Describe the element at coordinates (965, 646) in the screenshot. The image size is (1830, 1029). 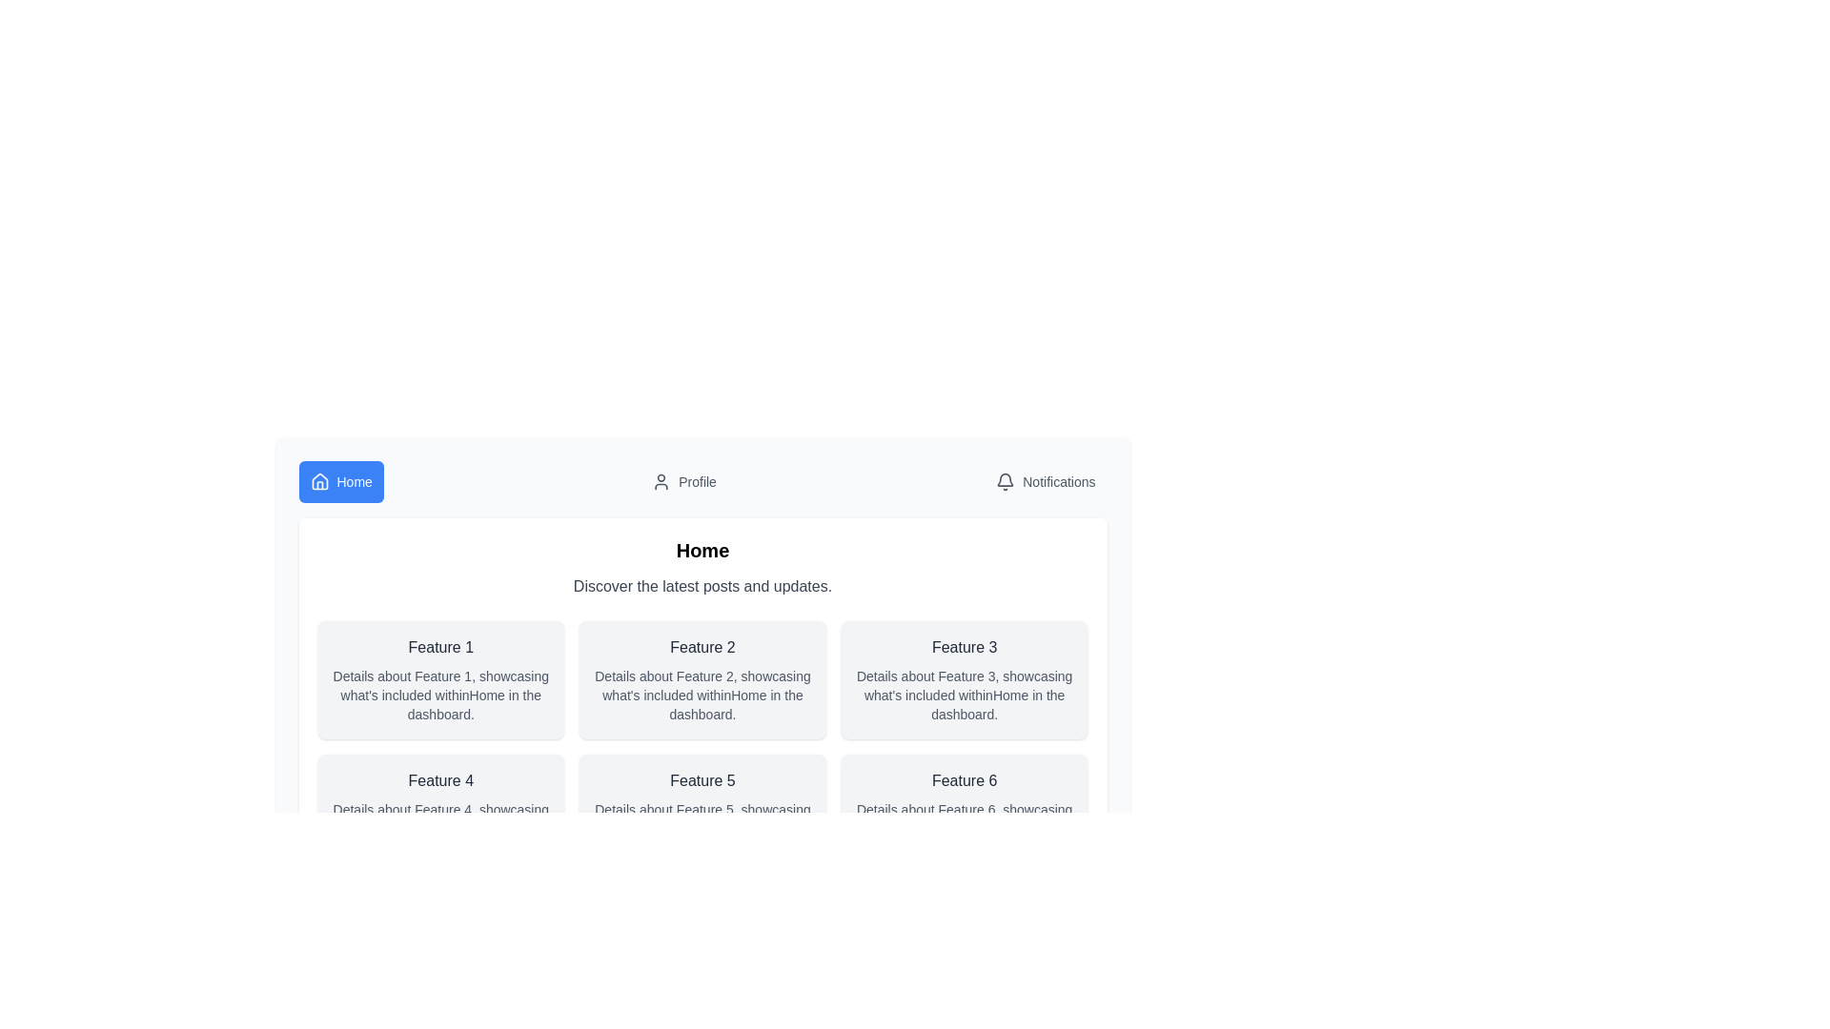
I see `the Static label or text element that serves as the title for 'Feature 3'` at that location.